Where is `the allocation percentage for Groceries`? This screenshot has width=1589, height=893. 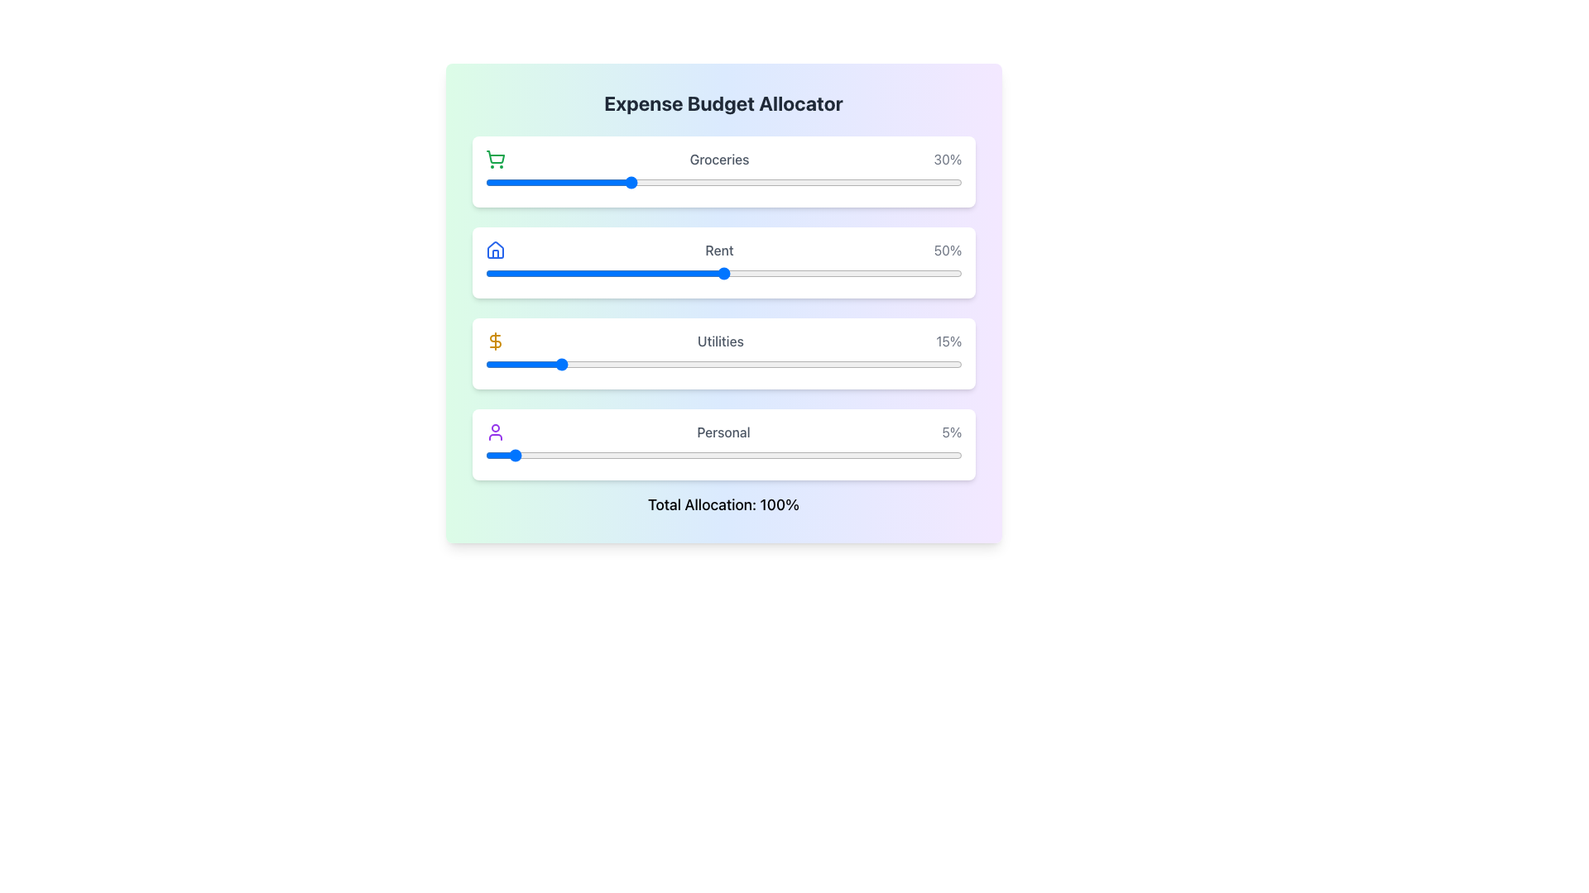
the allocation percentage for Groceries is located at coordinates (894, 182).